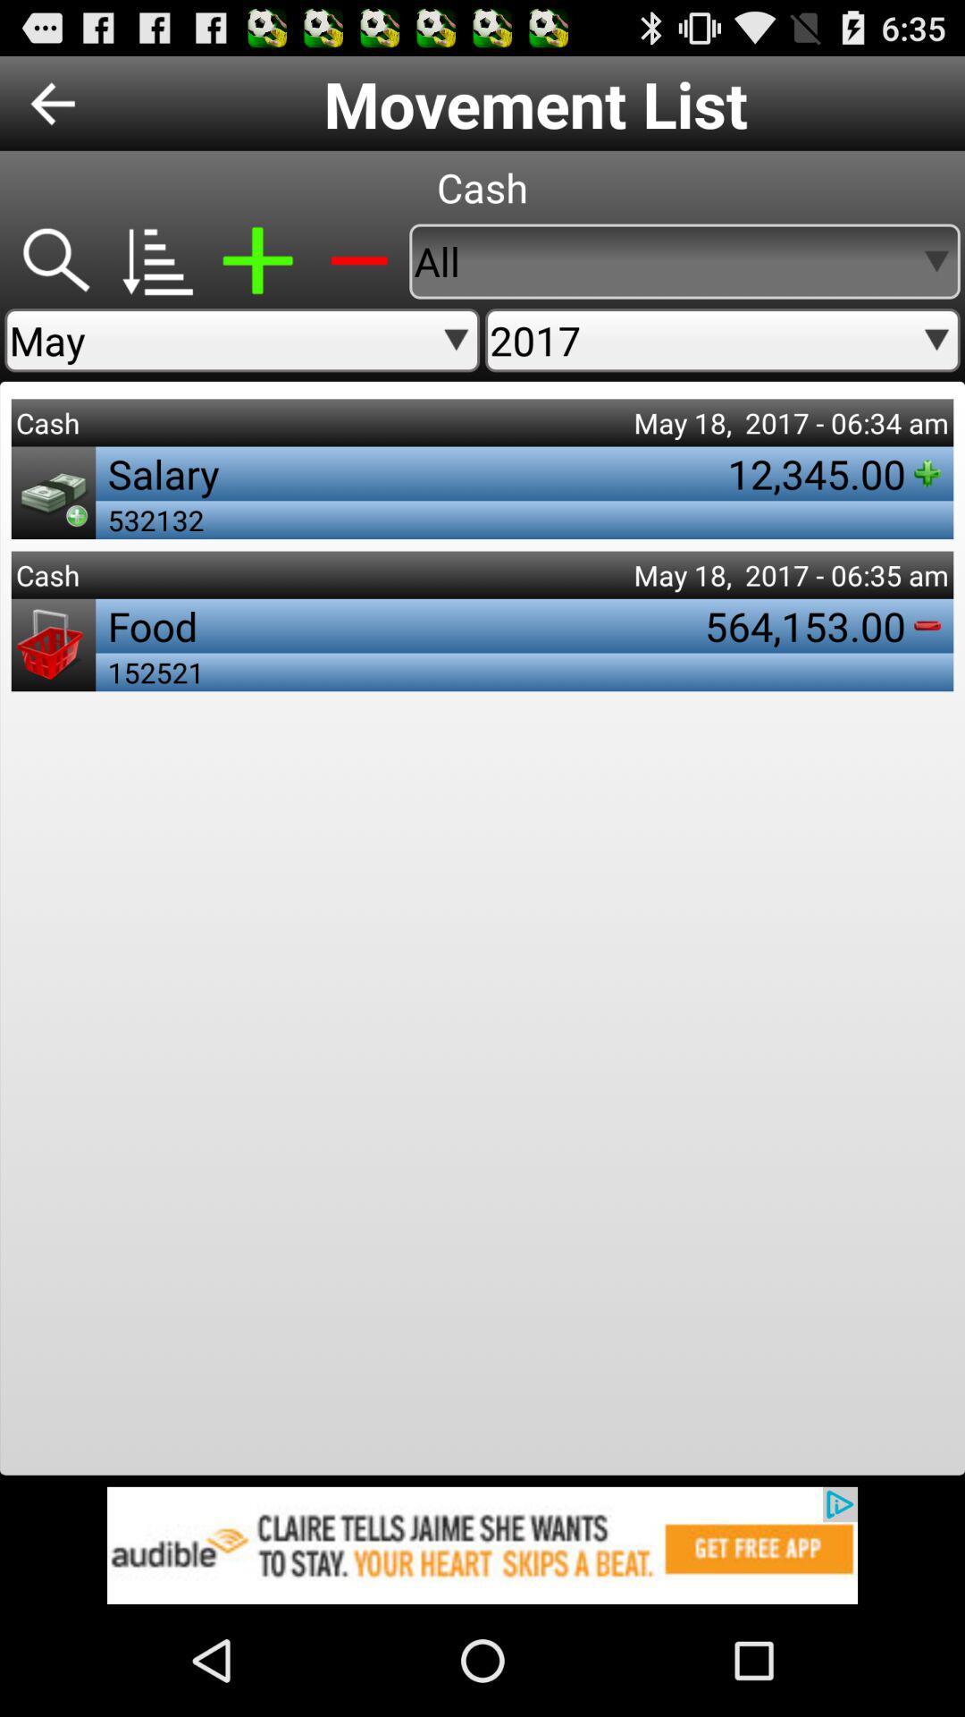 The height and width of the screenshot is (1717, 965). What do you see at coordinates (358, 278) in the screenshot?
I see `the minus icon` at bounding box center [358, 278].